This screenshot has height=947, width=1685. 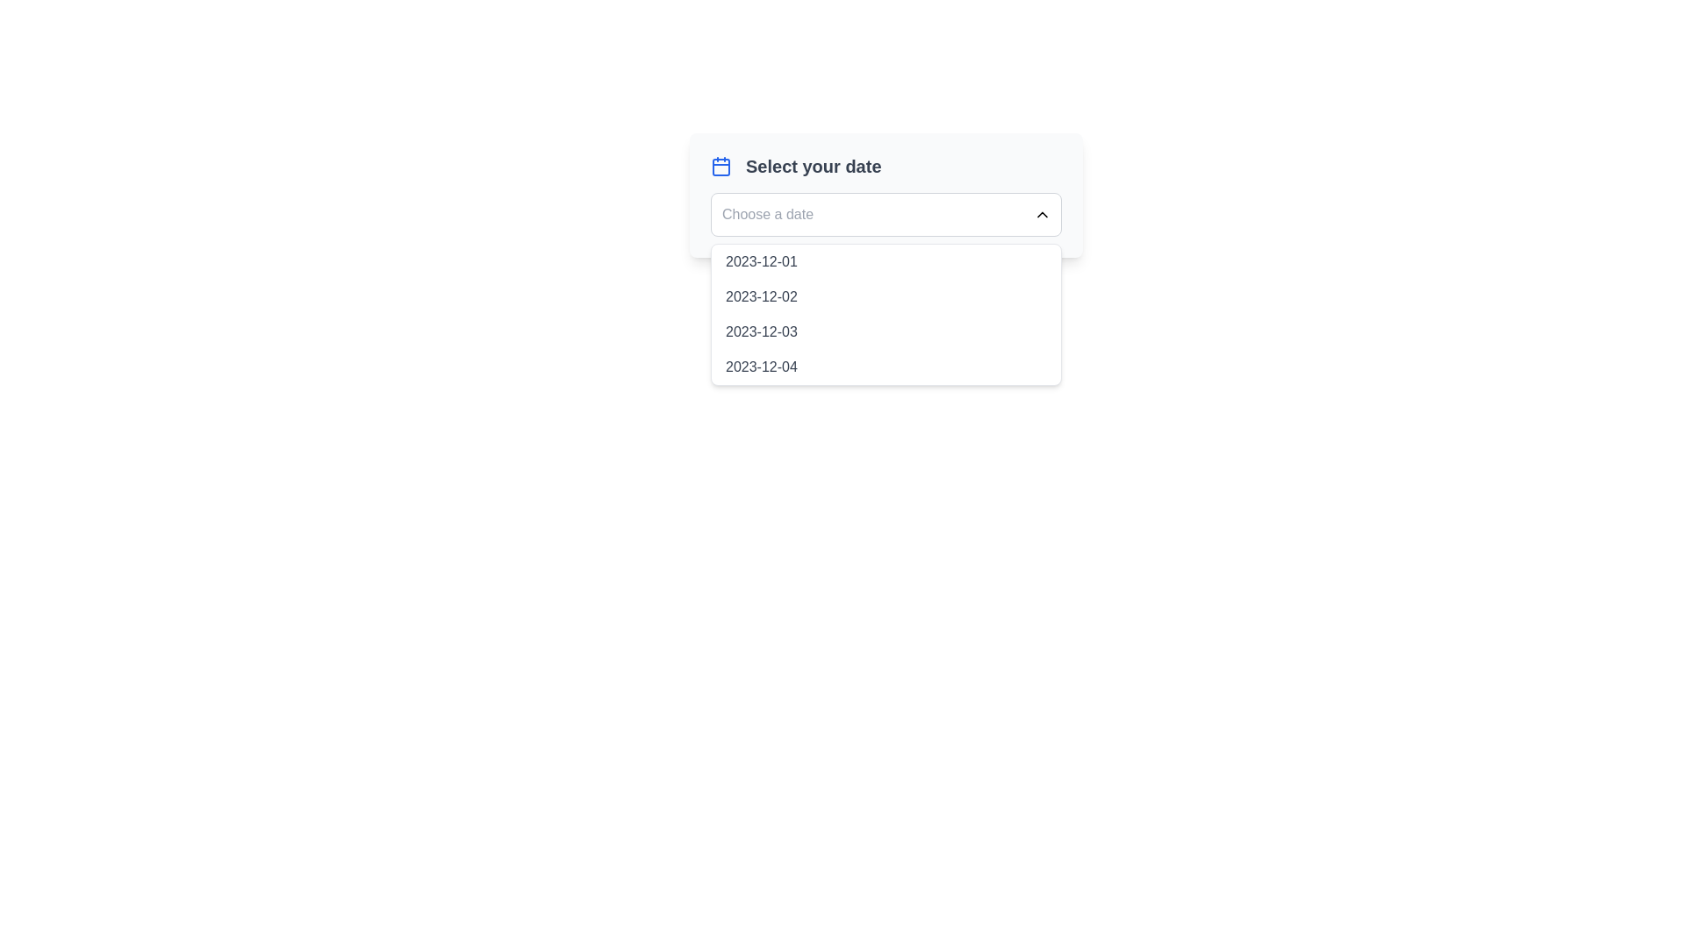 I want to click on the dropdown menu option displaying the date '2023-12-02', so click(x=886, y=296).